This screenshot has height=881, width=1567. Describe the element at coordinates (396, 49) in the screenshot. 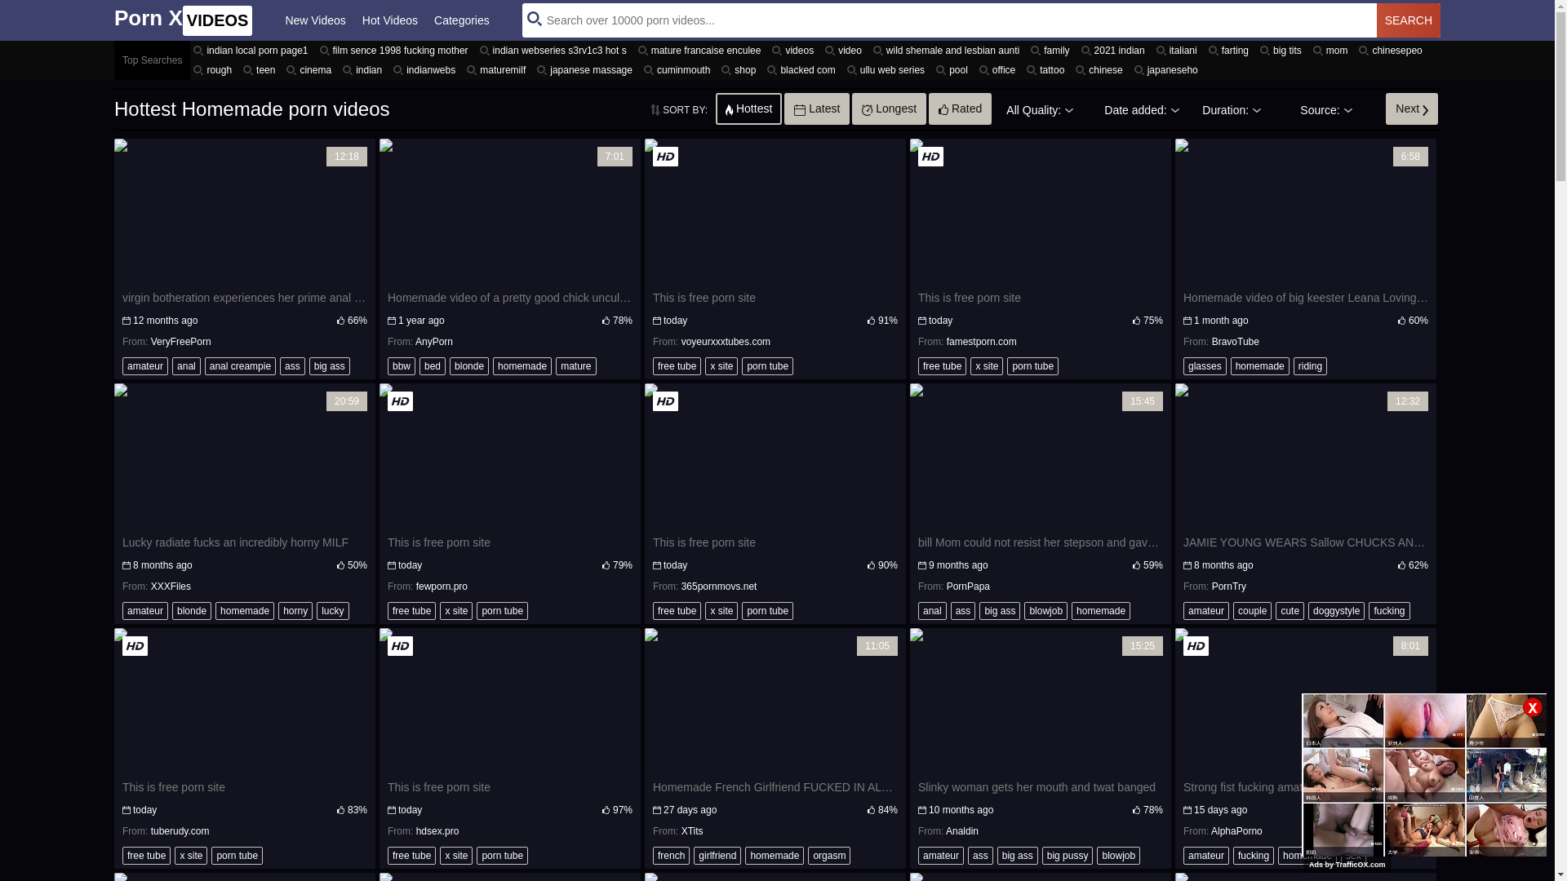

I see `'film sence 1998 fucking mother'` at that location.